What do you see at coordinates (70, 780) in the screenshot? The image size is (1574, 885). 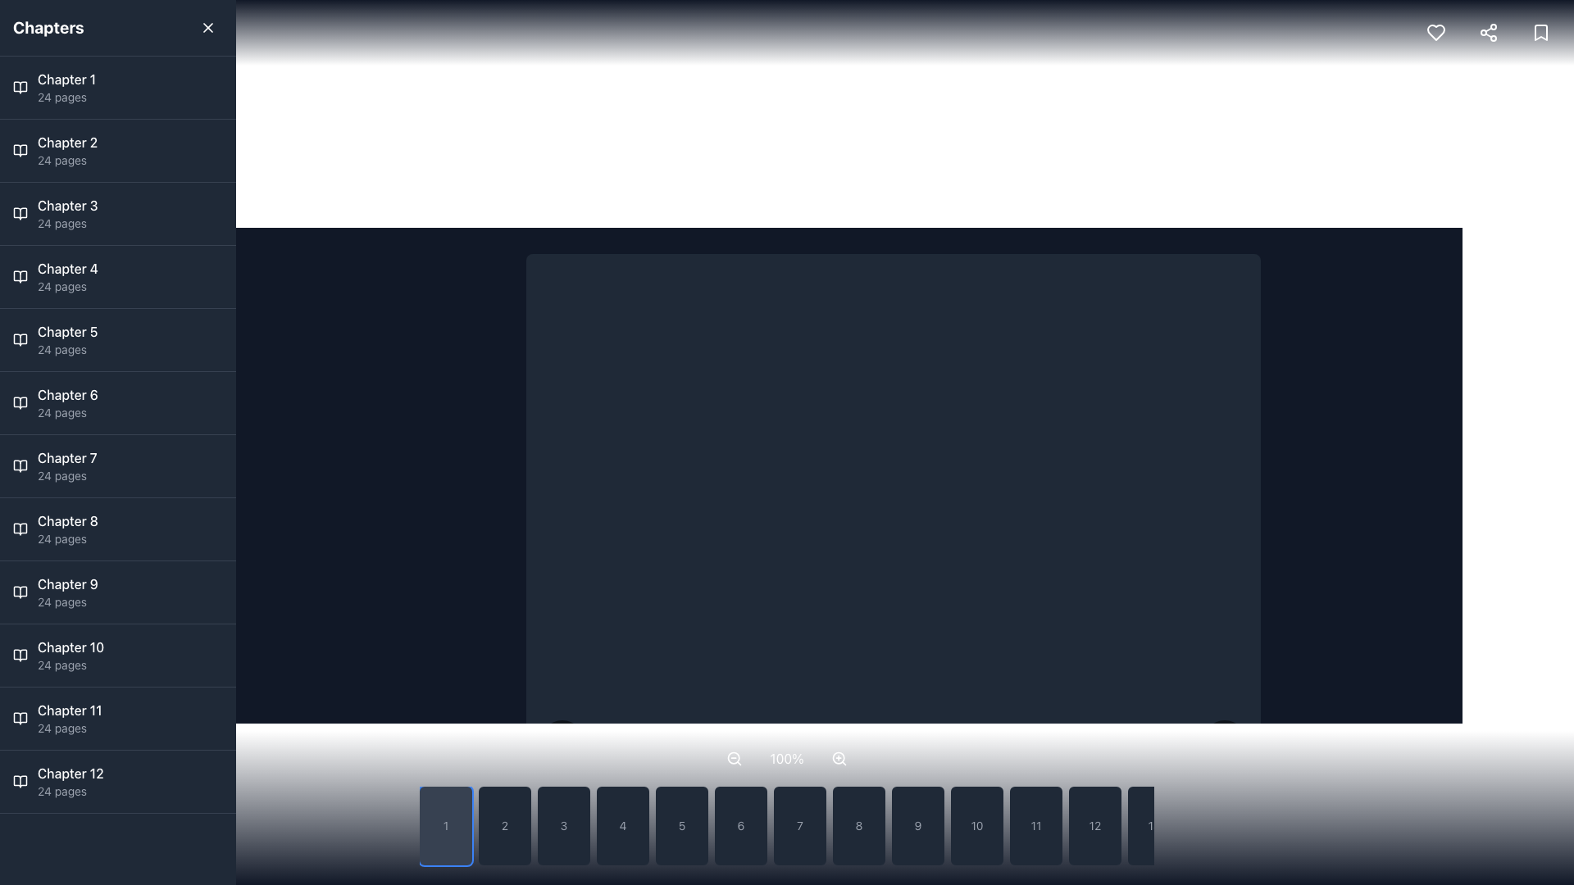 I see `the Textblock displaying information about Chapter 12 in the sidebar list of chapters` at bounding box center [70, 780].